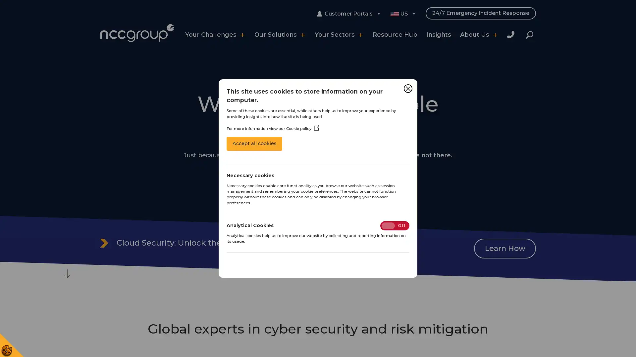 The image size is (636, 357). Describe the element at coordinates (254, 143) in the screenshot. I see `Accept all cookies` at that location.